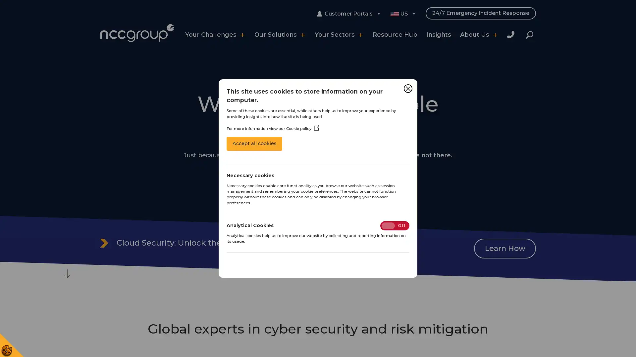 The image size is (636, 357). Describe the element at coordinates (254, 143) in the screenshot. I see `Accept all cookies` at that location.